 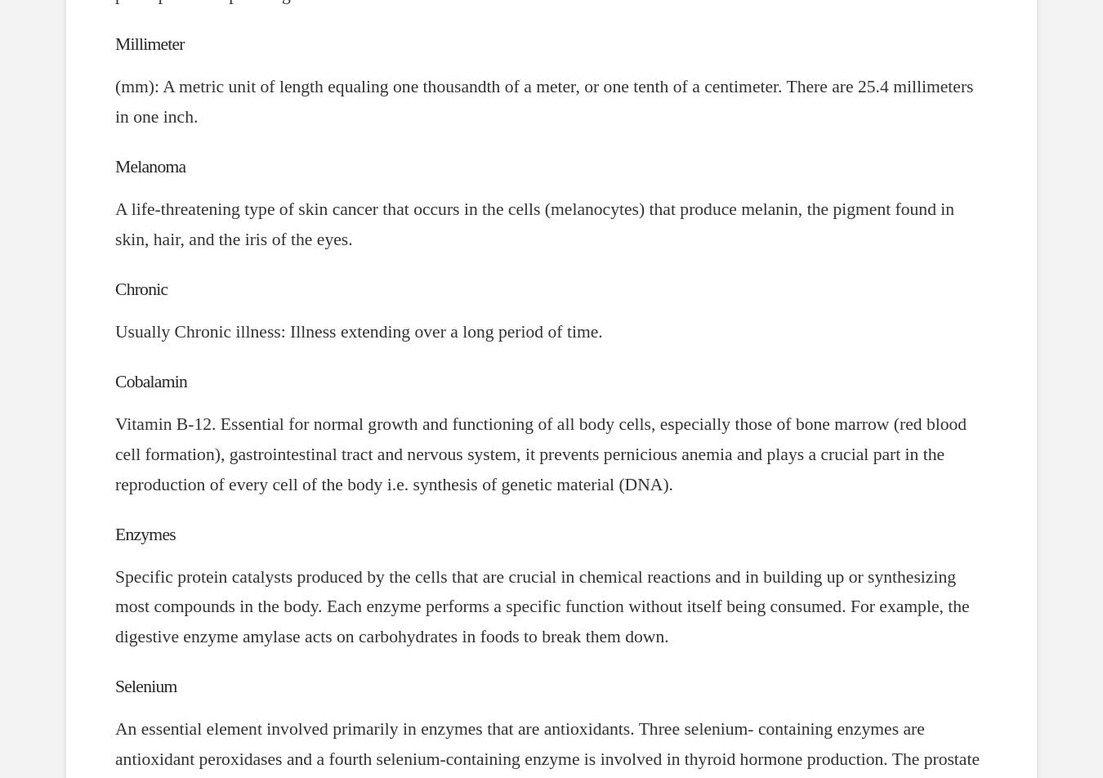 What do you see at coordinates (150, 43) in the screenshot?
I see `'Millimeter'` at bounding box center [150, 43].